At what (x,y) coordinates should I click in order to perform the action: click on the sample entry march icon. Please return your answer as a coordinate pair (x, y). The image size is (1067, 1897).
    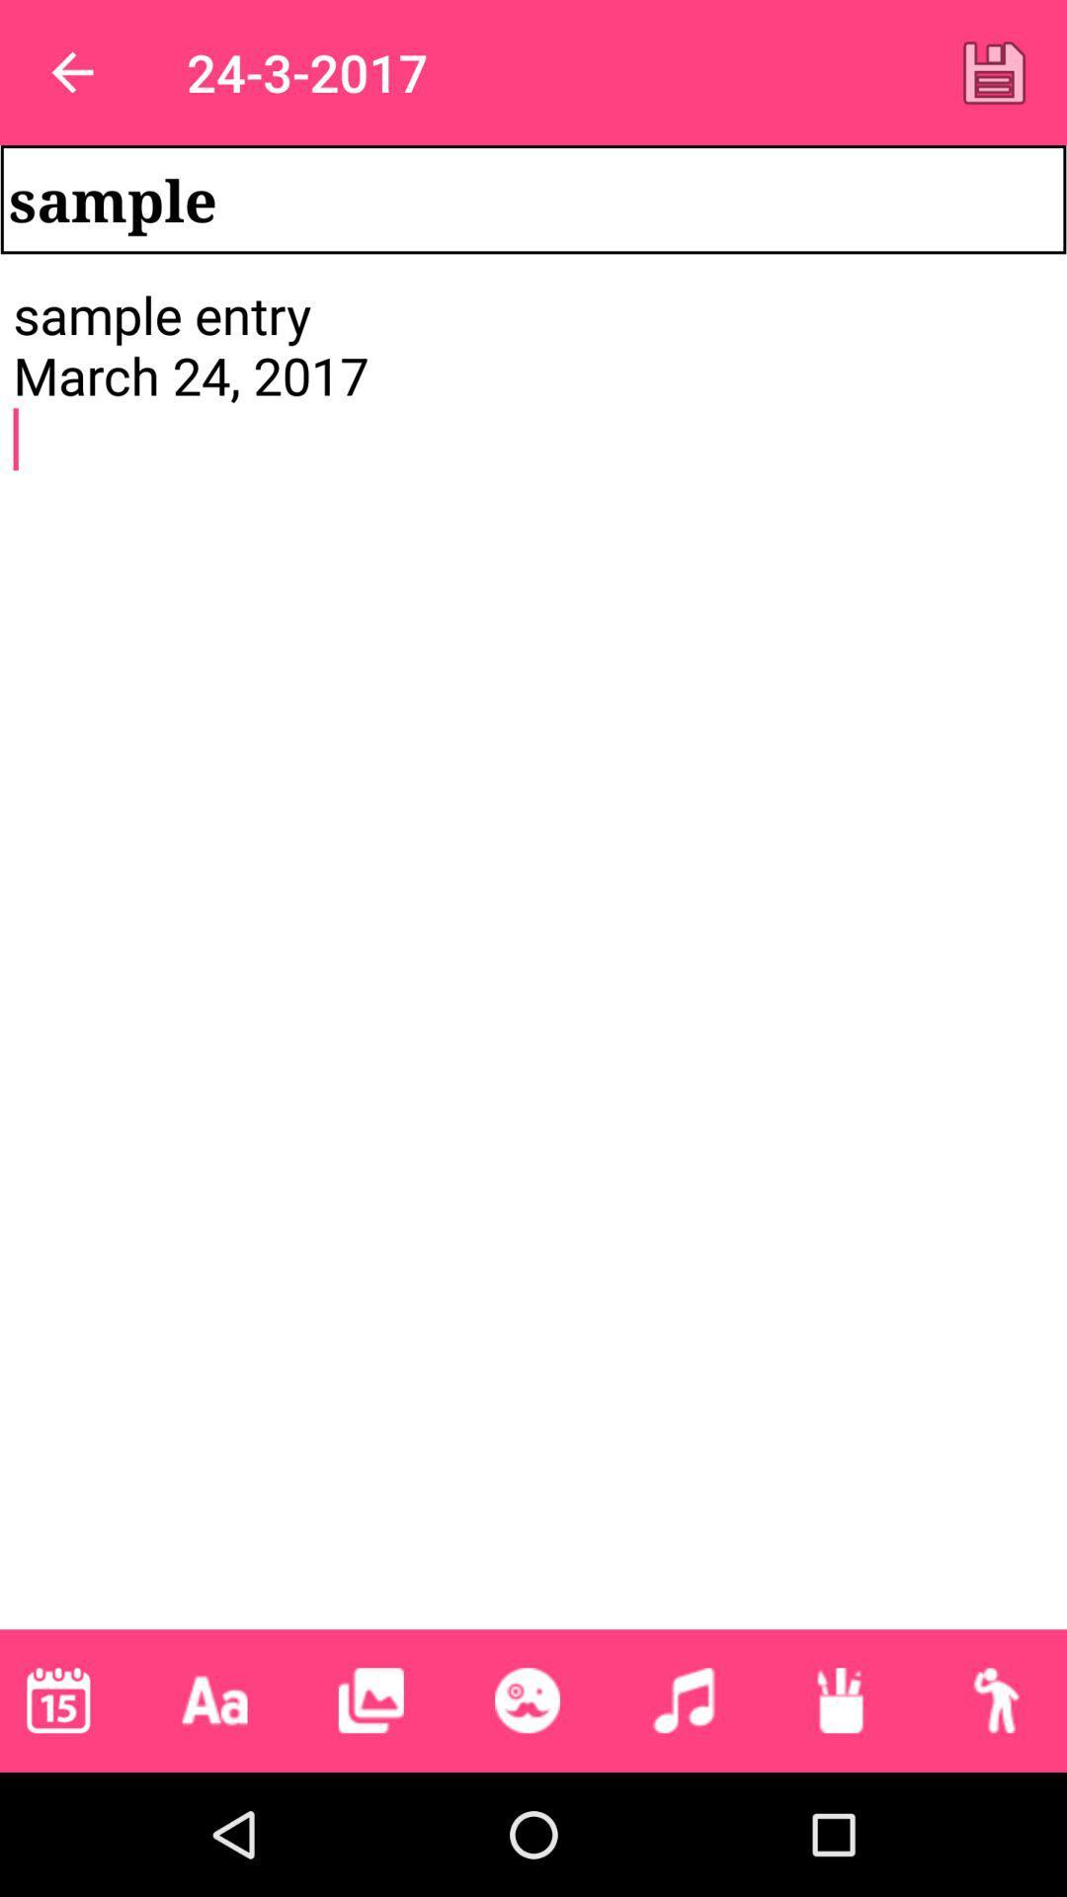
    Looking at the image, I should click on (533, 954).